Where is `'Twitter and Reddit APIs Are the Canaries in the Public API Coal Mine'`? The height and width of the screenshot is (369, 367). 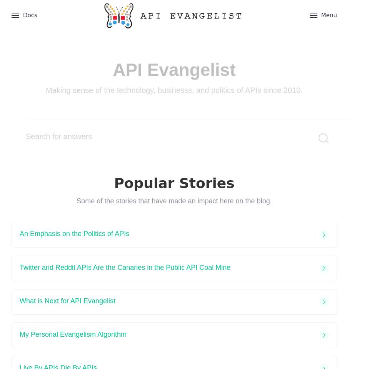 'Twitter and Reddit APIs Are the Canaries in the Public API Coal Mine' is located at coordinates (125, 267).